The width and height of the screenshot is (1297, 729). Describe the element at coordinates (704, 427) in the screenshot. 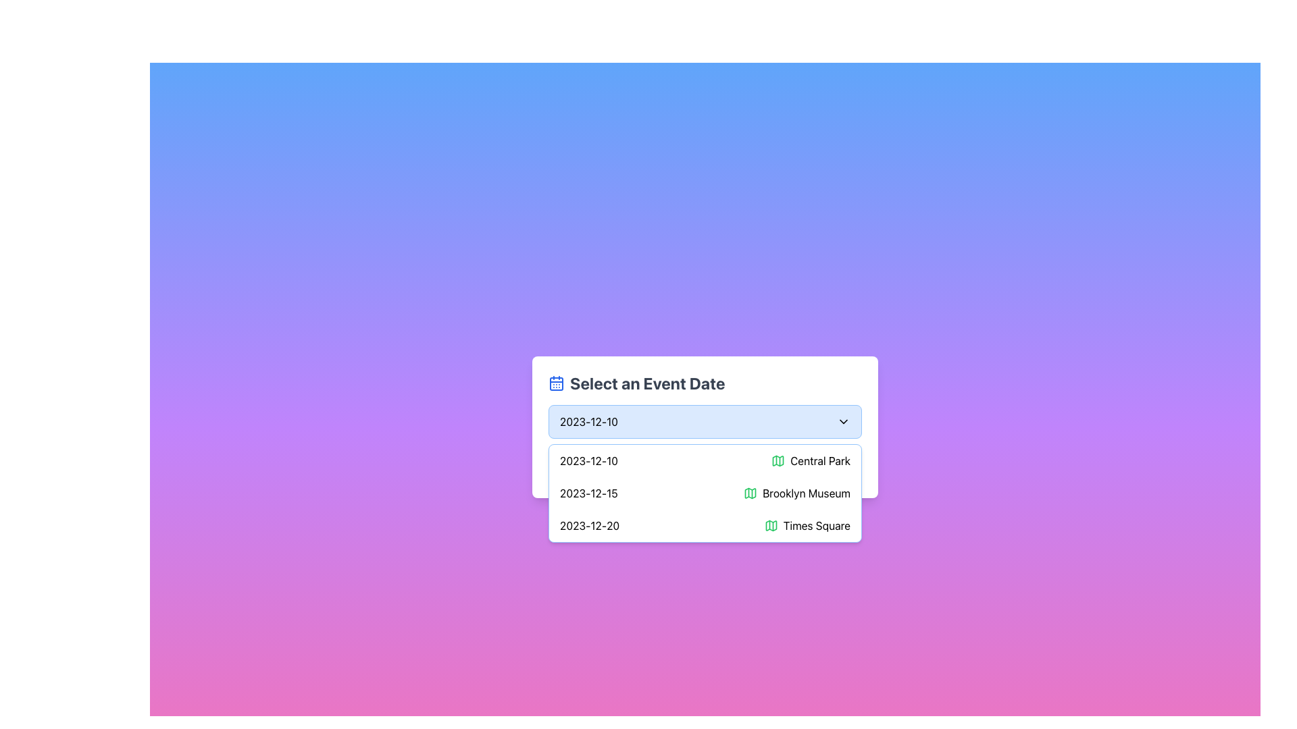

I see `the dropdown menu component` at that location.